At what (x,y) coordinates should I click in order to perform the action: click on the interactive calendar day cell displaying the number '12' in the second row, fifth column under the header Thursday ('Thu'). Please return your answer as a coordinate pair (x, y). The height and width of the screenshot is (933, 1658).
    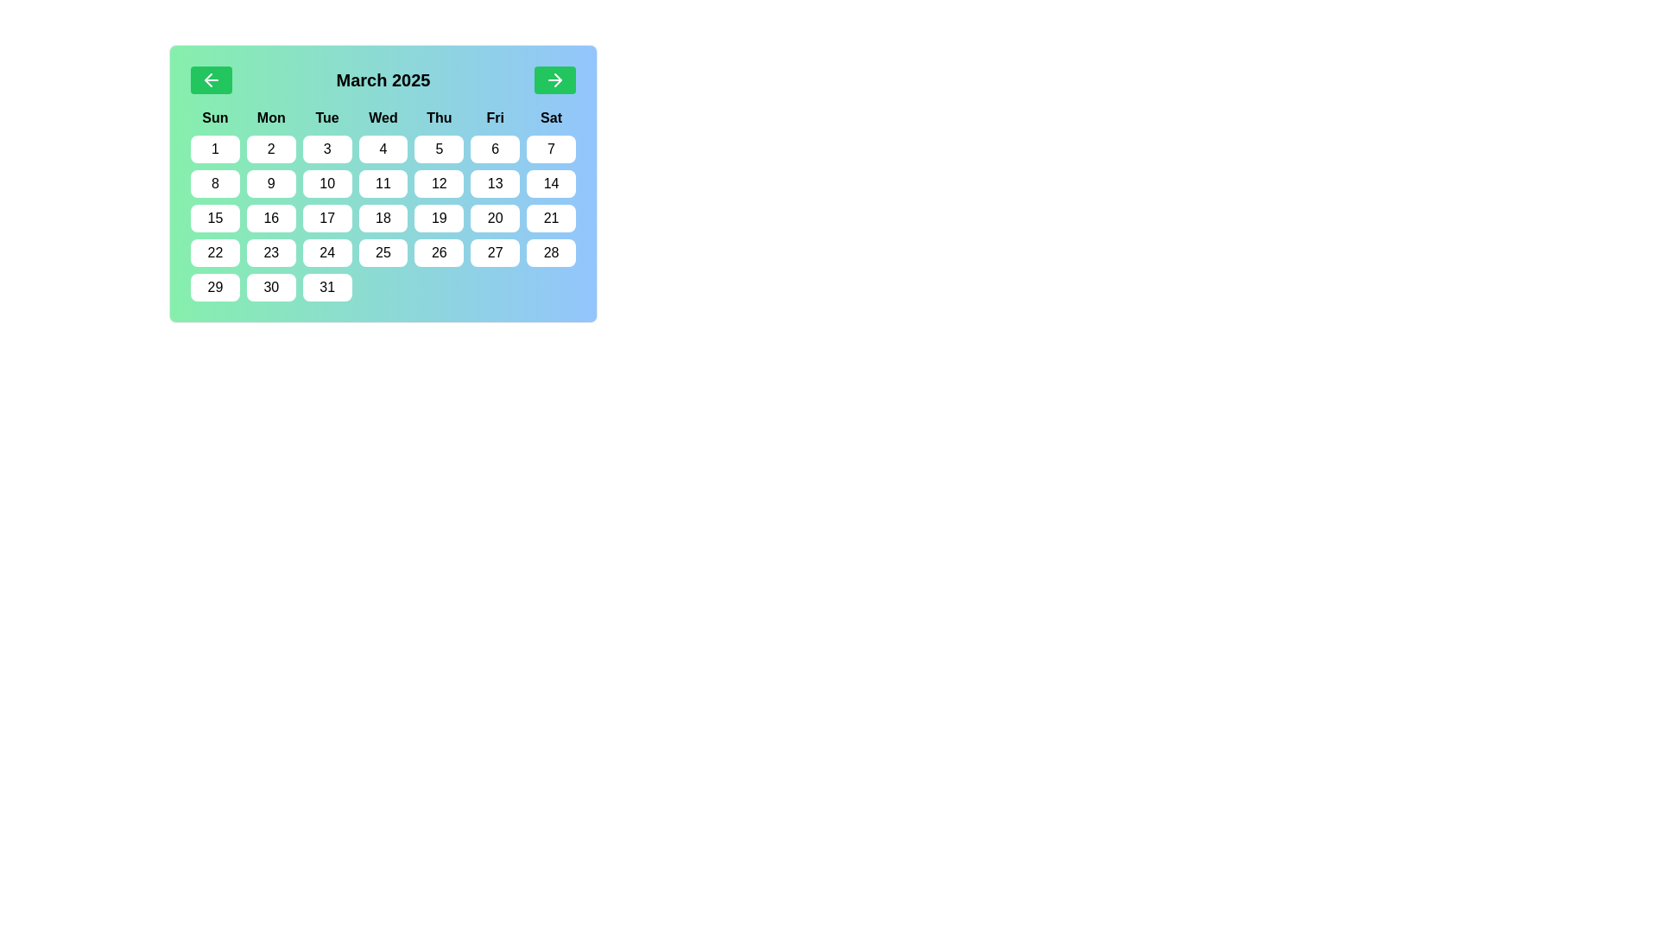
    Looking at the image, I should click on (439, 183).